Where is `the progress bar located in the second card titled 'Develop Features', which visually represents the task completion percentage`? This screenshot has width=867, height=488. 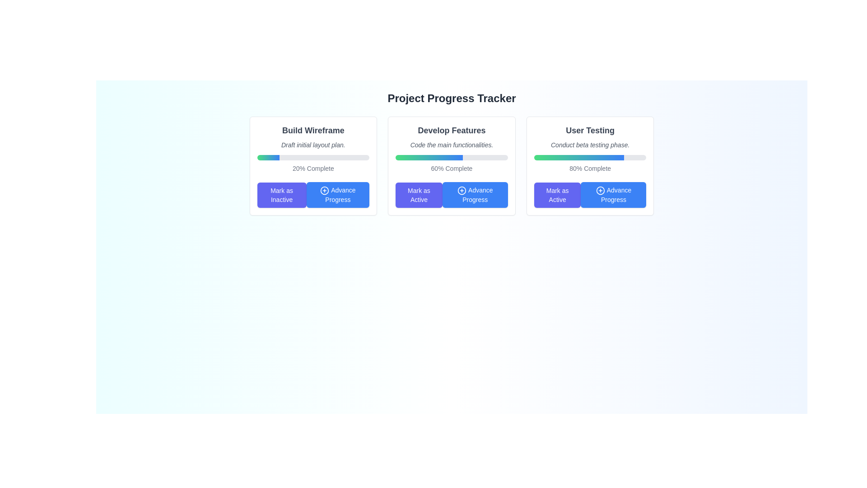
the progress bar located in the second card titled 'Develop Features', which visually represents the task completion percentage is located at coordinates (452, 157).